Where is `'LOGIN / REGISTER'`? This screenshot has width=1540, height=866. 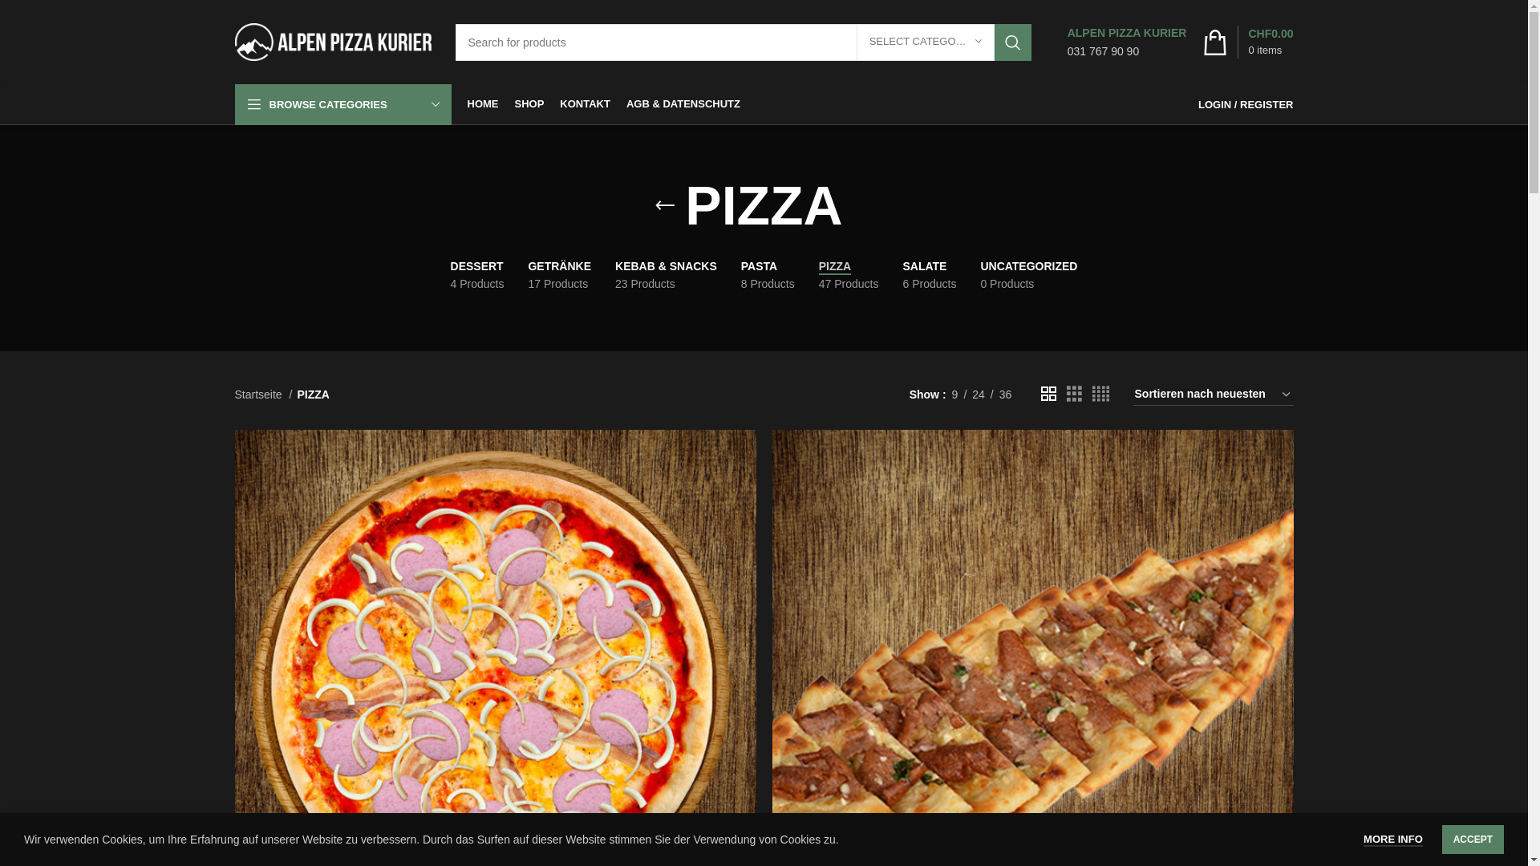
'LOGIN / REGISTER' is located at coordinates (1245, 104).